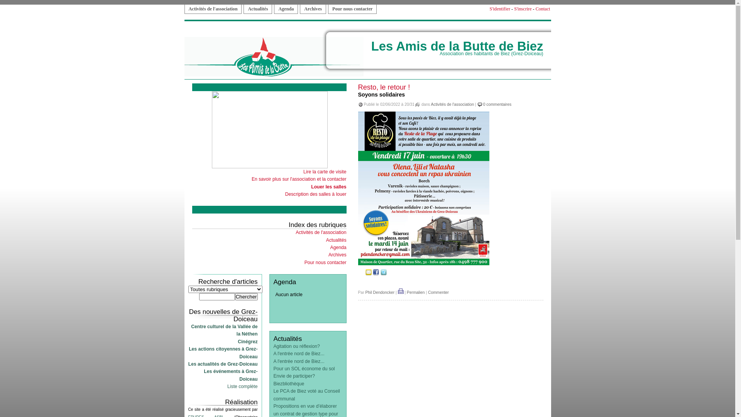 The image size is (741, 417). What do you see at coordinates (523, 9) in the screenshot?
I see `'S'inscrire'` at bounding box center [523, 9].